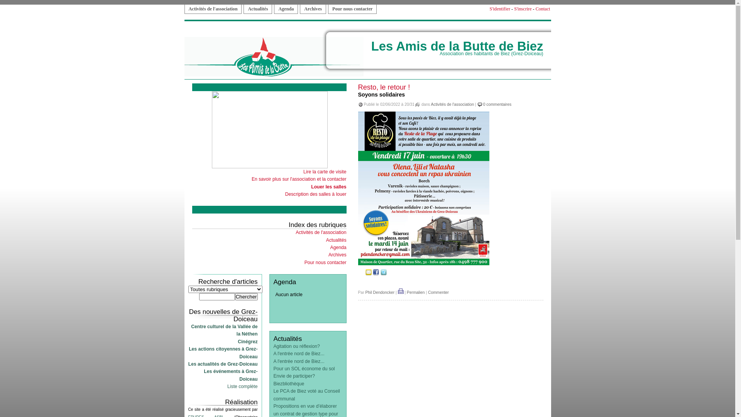 The image size is (741, 417). What do you see at coordinates (523, 9) in the screenshot?
I see `'S'inscrire'` at bounding box center [523, 9].